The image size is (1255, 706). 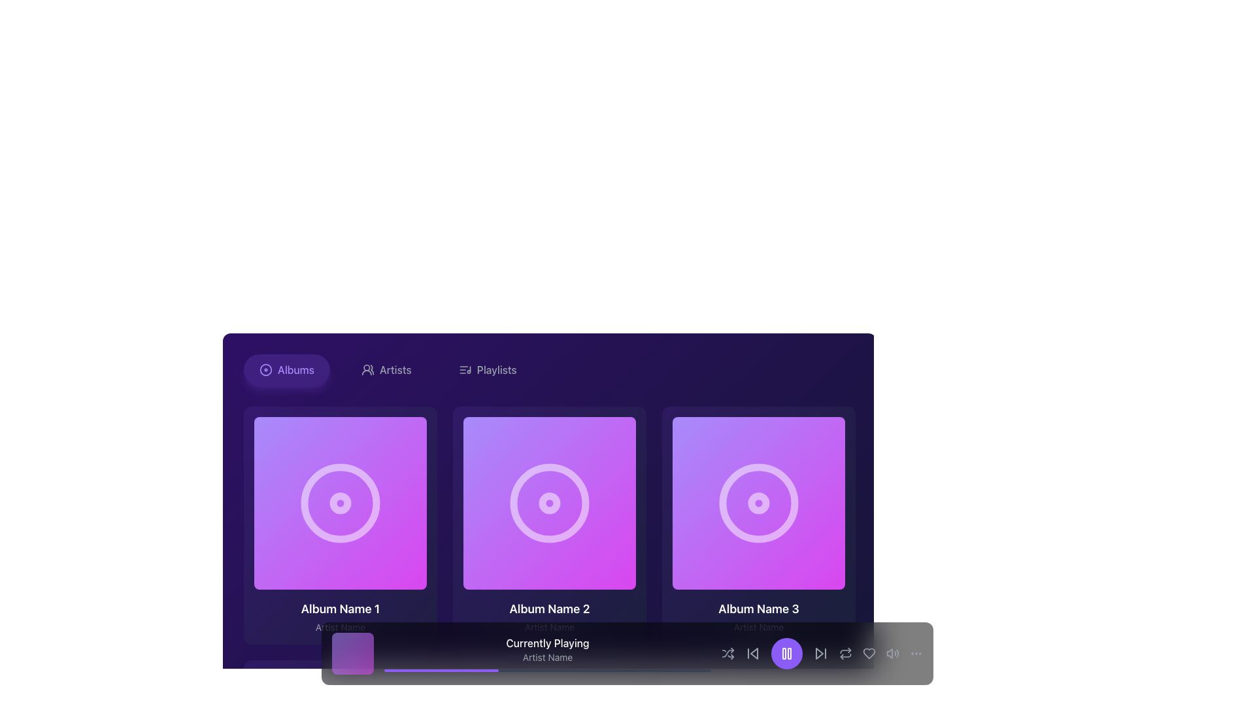 What do you see at coordinates (341, 503) in the screenshot?
I see `the circular 'play' icon with a triangle pointing to the right, located at the center of the album thumbnail for 'Album Name 1'` at bounding box center [341, 503].